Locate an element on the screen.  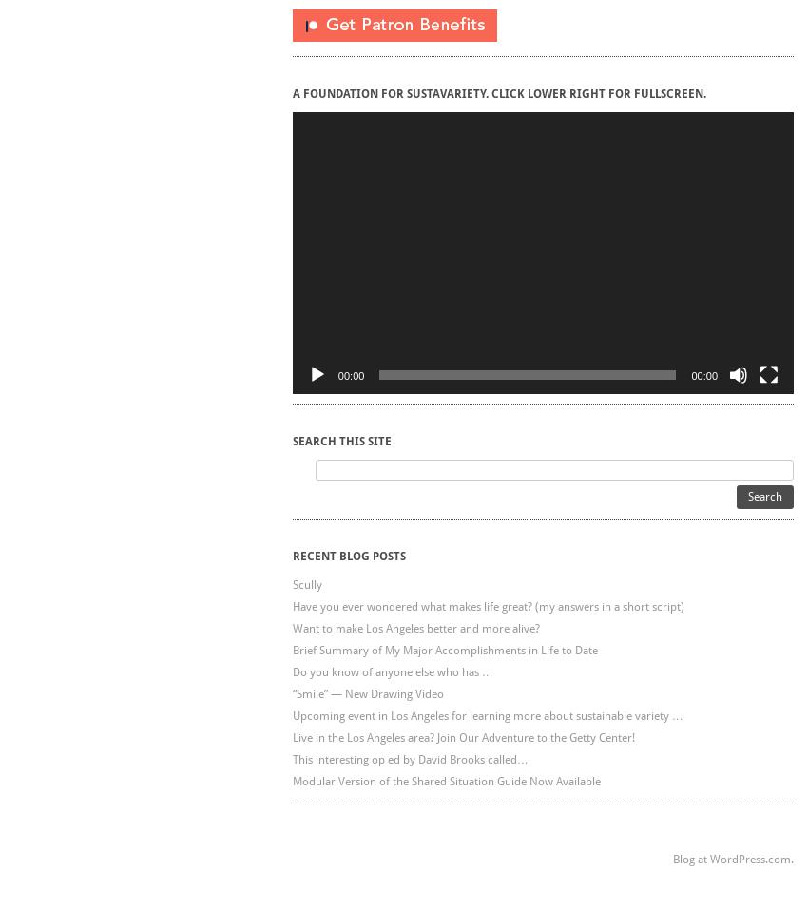
'a foundation for SustaVariety. Click lower right for fullscreen.' is located at coordinates (497, 93).